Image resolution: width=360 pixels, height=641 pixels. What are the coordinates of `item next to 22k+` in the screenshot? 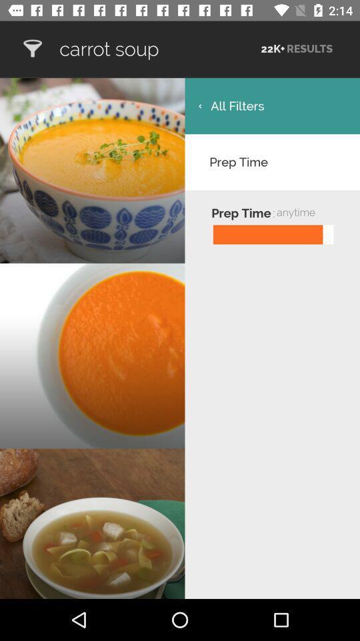 It's located at (159, 49).